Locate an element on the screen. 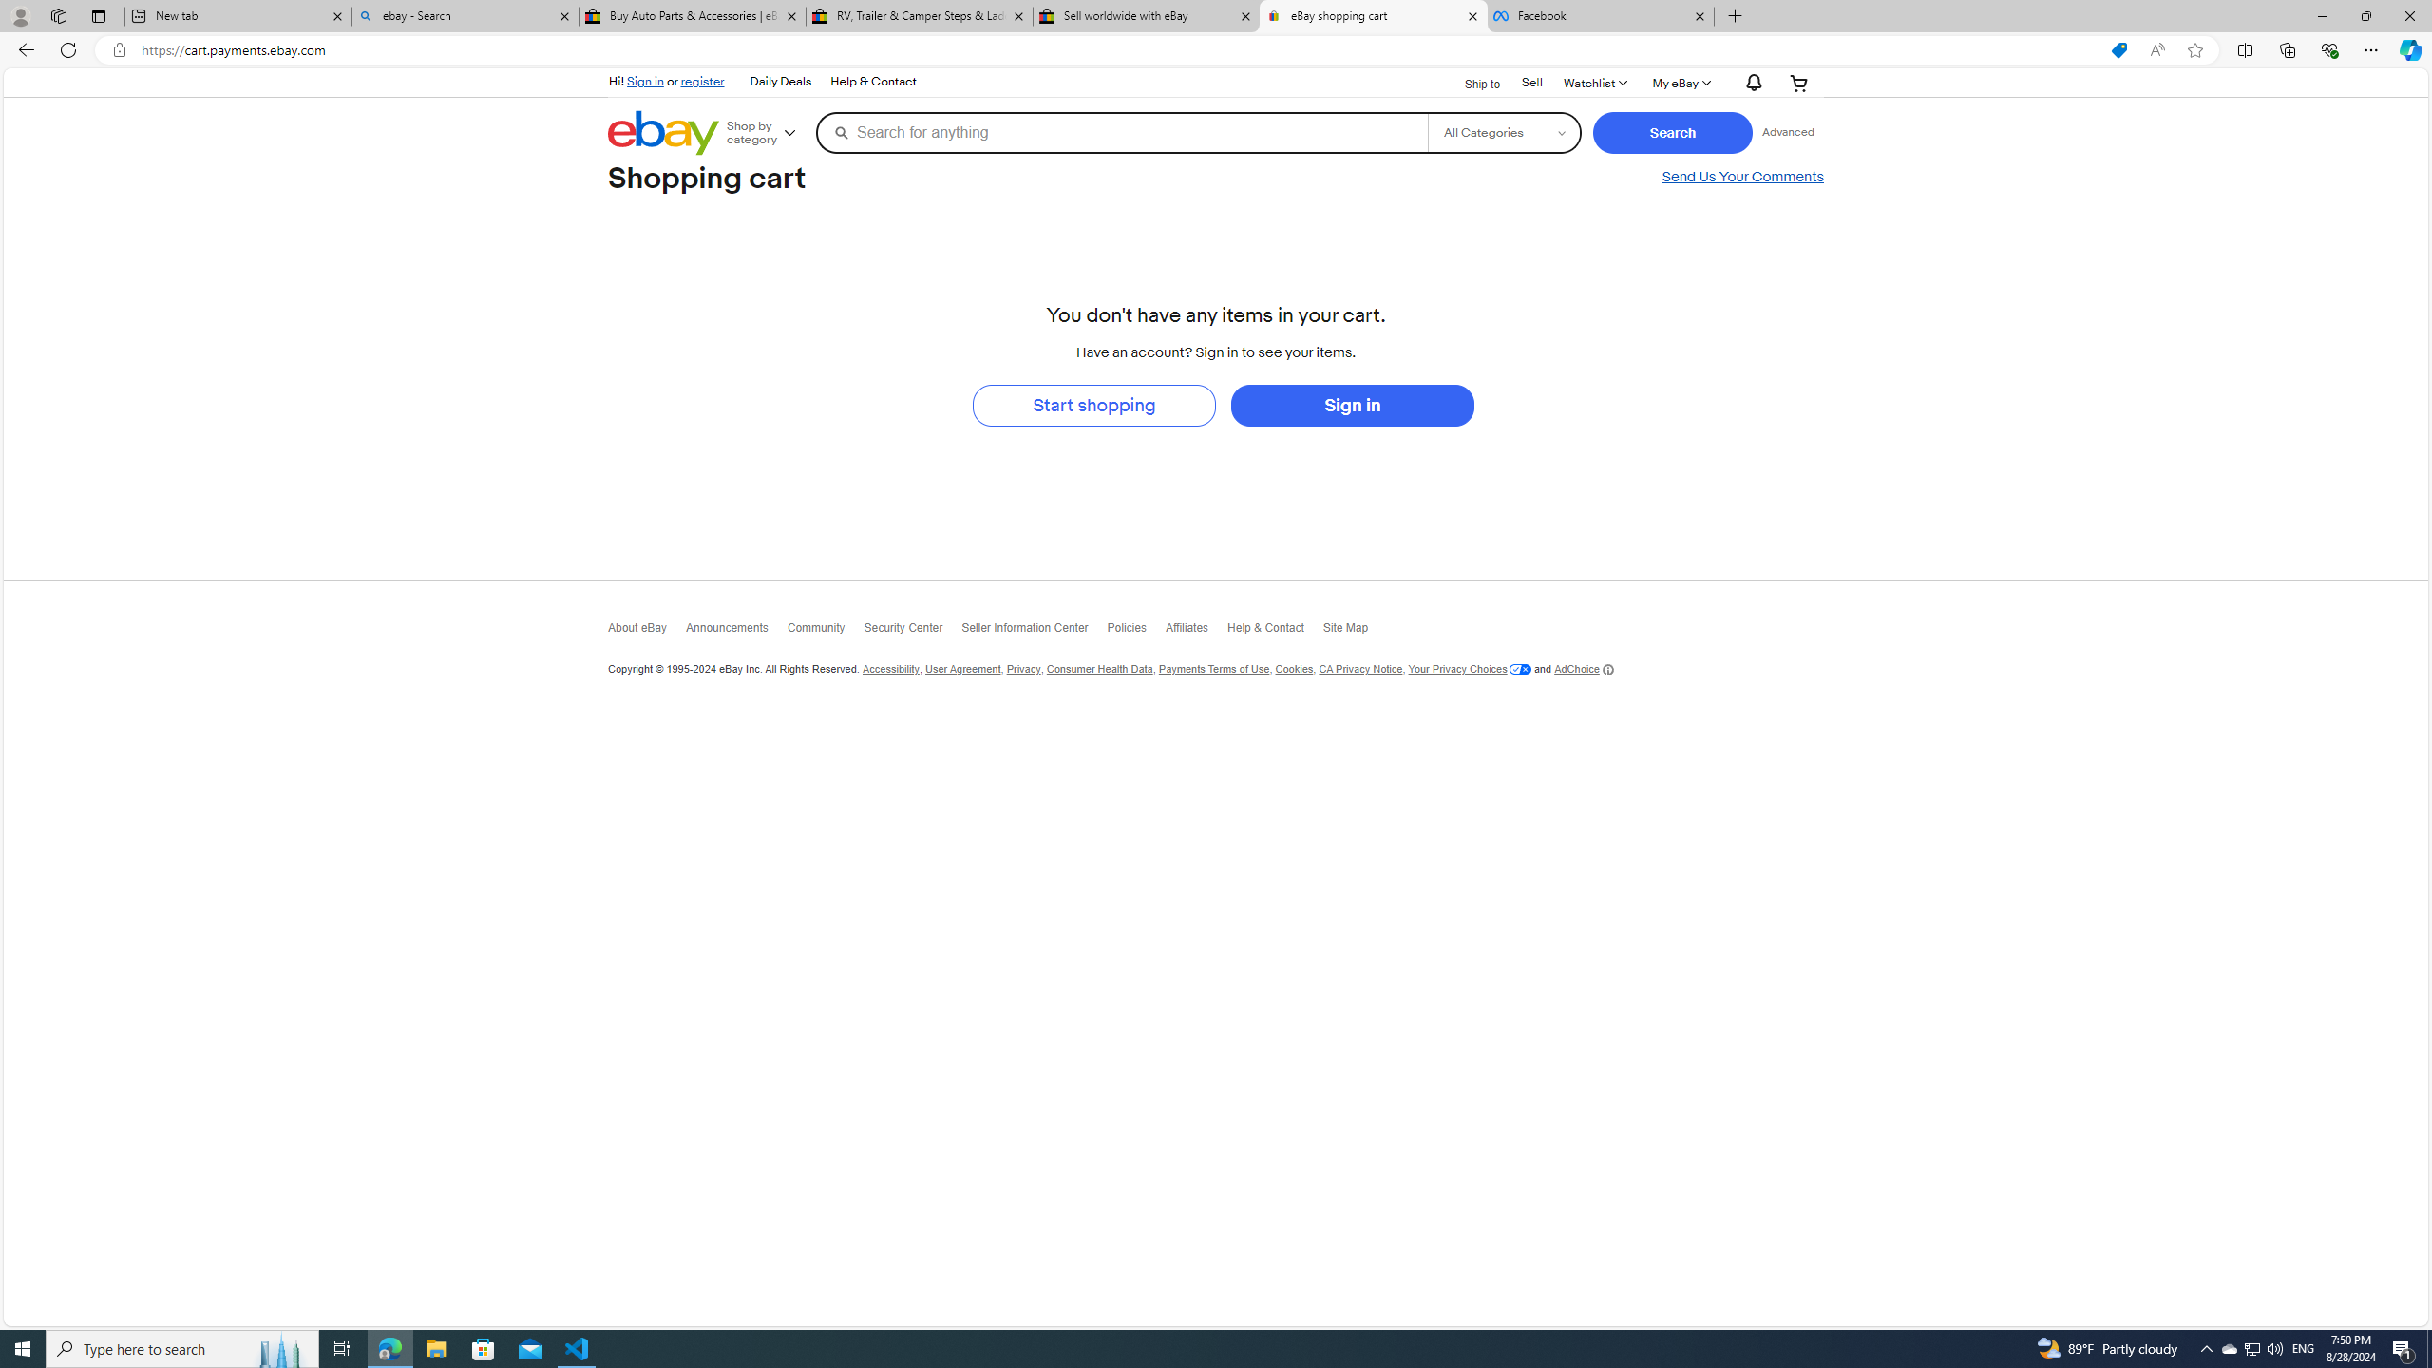 This screenshot has width=2432, height=1368. 'Select a category for search' is located at coordinates (1503, 131).